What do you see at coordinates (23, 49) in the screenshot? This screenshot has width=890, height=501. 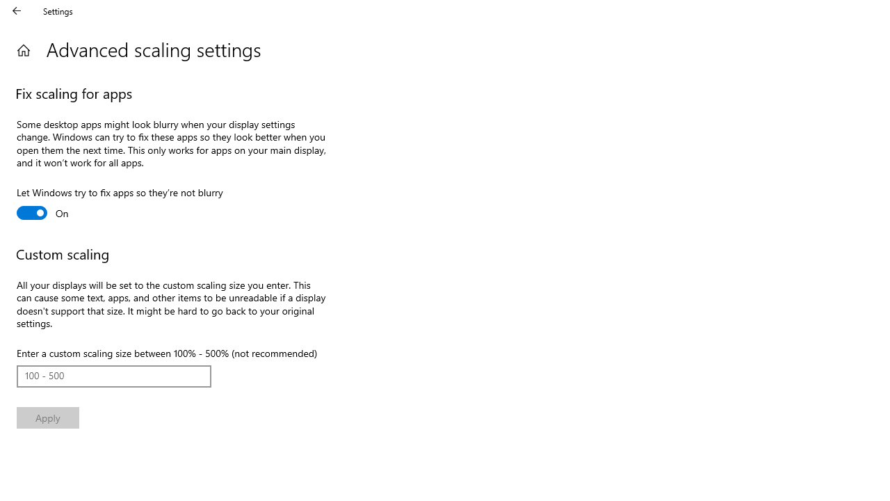 I see `'Home'` at bounding box center [23, 49].